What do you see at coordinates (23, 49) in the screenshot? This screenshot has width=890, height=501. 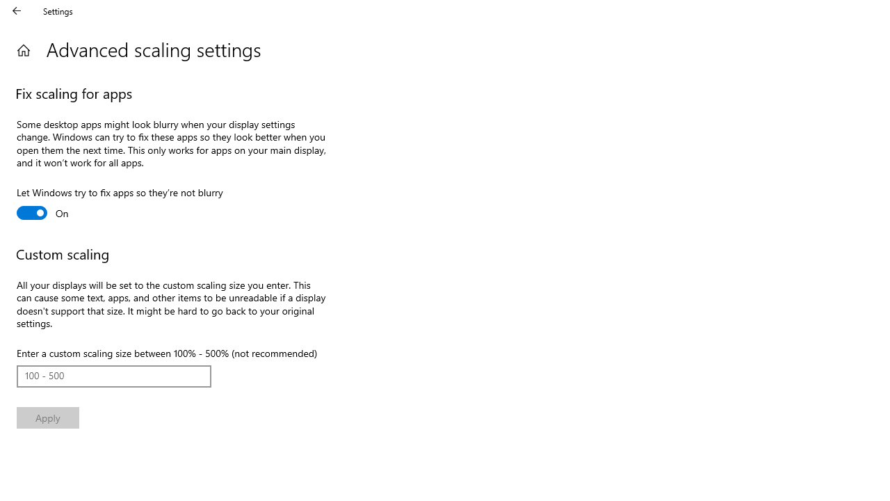 I see `'Home'` at bounding box center [23, 49].